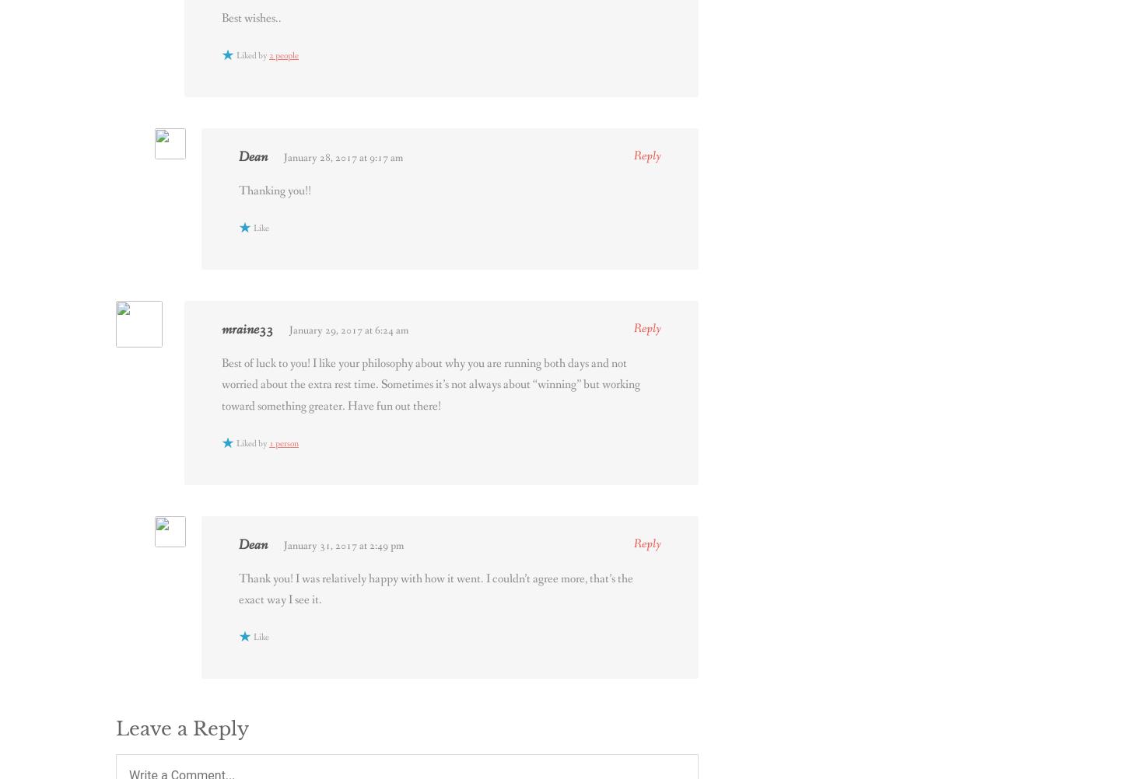 The image size is (1128, 779). Describe the element at coordinates (436, 588) in the screenshot. I see `'Thank you! I was relatively happy with how it went. I couldn’t agree more, that’s the exact way I see it.'` at that location.